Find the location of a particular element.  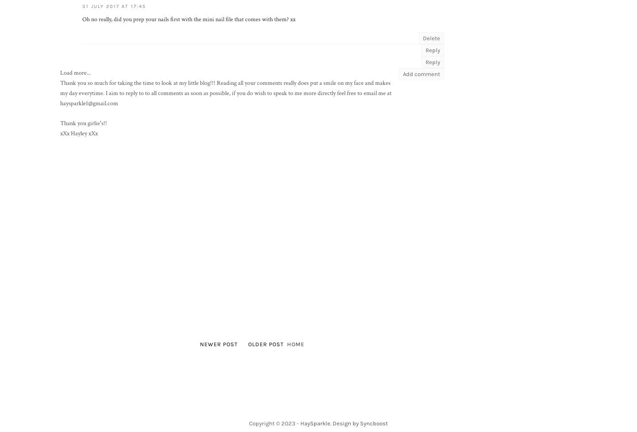

'Design by Syncboost' is located at coordinates (360, 422).